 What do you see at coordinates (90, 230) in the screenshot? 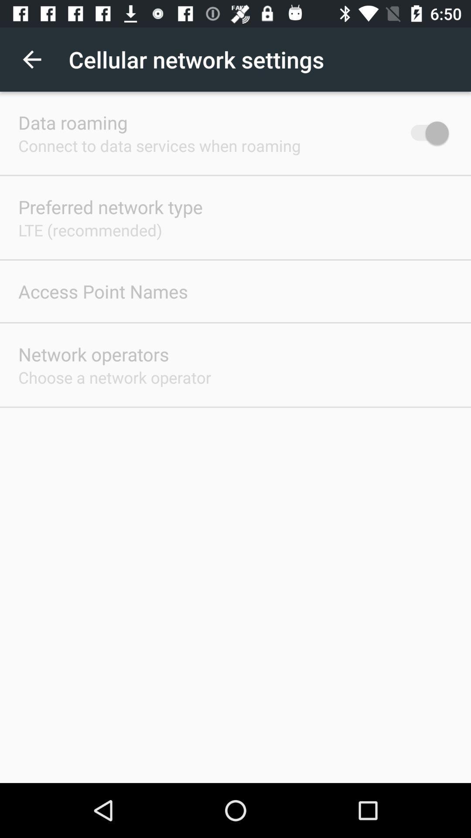
I see `the item below the preferred network type app` at bounding box center [90, 230].